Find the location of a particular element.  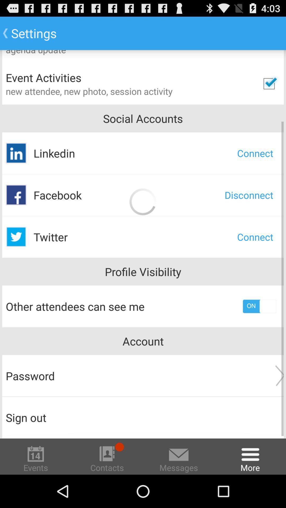

check to see event activities is located at coordinates (269, 83).